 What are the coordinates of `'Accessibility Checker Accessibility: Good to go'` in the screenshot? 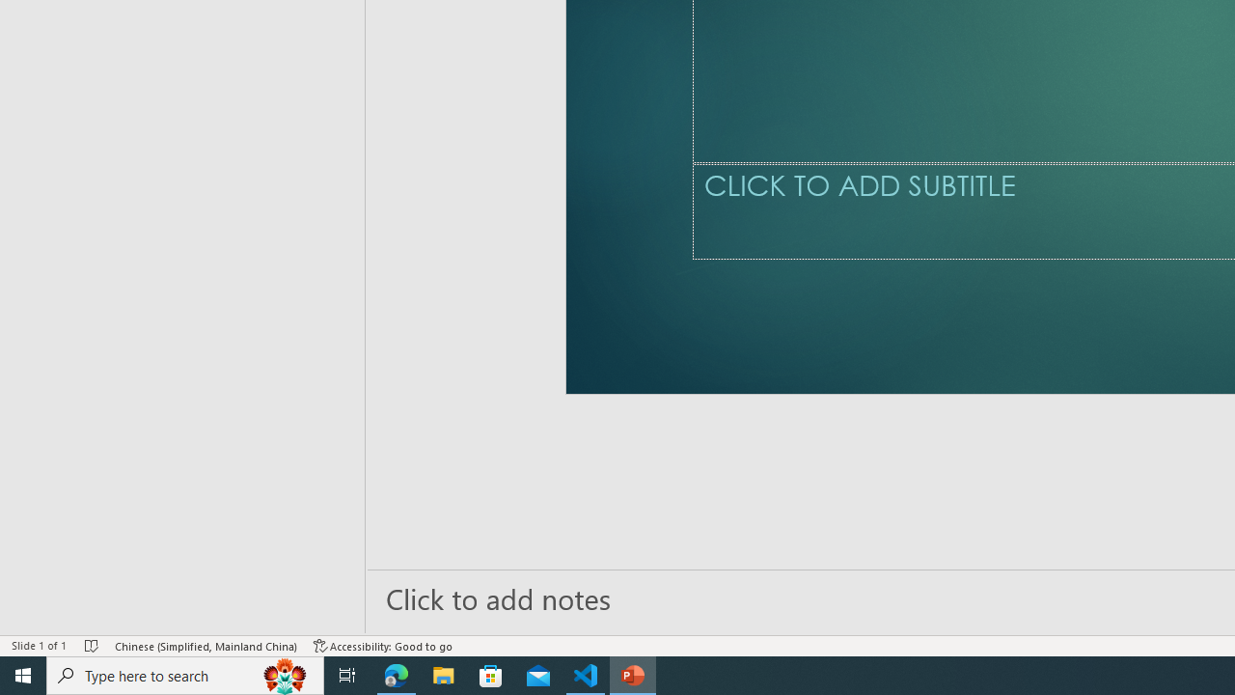 It's located at (383, 646).